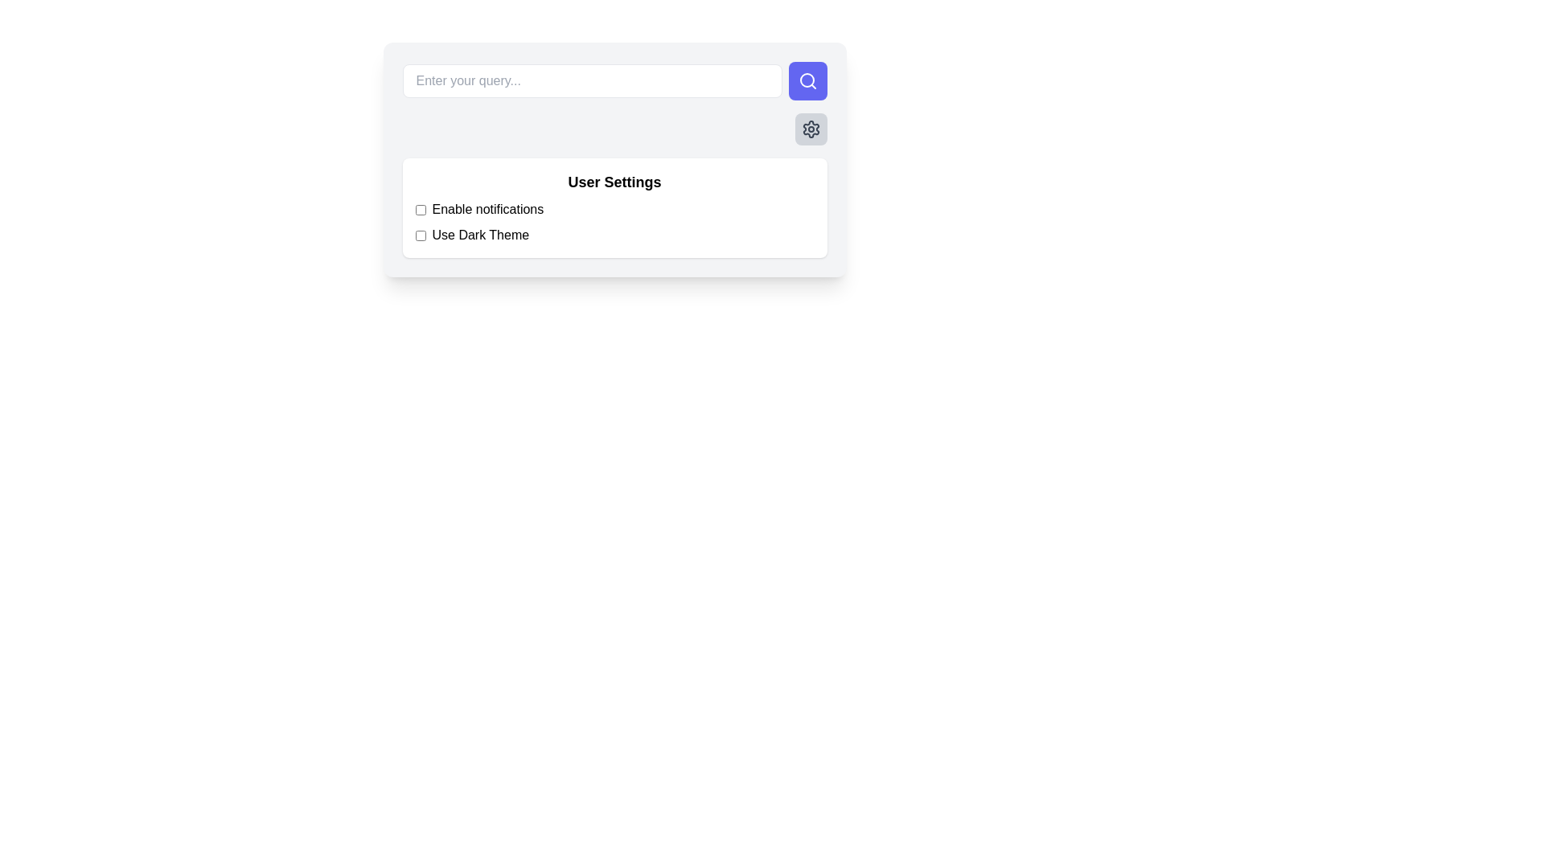 The width and height of the screenshot is (1544, 868). What do you see at coordinates (811, 129) in the screenshot?
I see `the settings menu icon located at the top-right corner of the interface, adjacent to the search field` at bounding box center [811, 129].